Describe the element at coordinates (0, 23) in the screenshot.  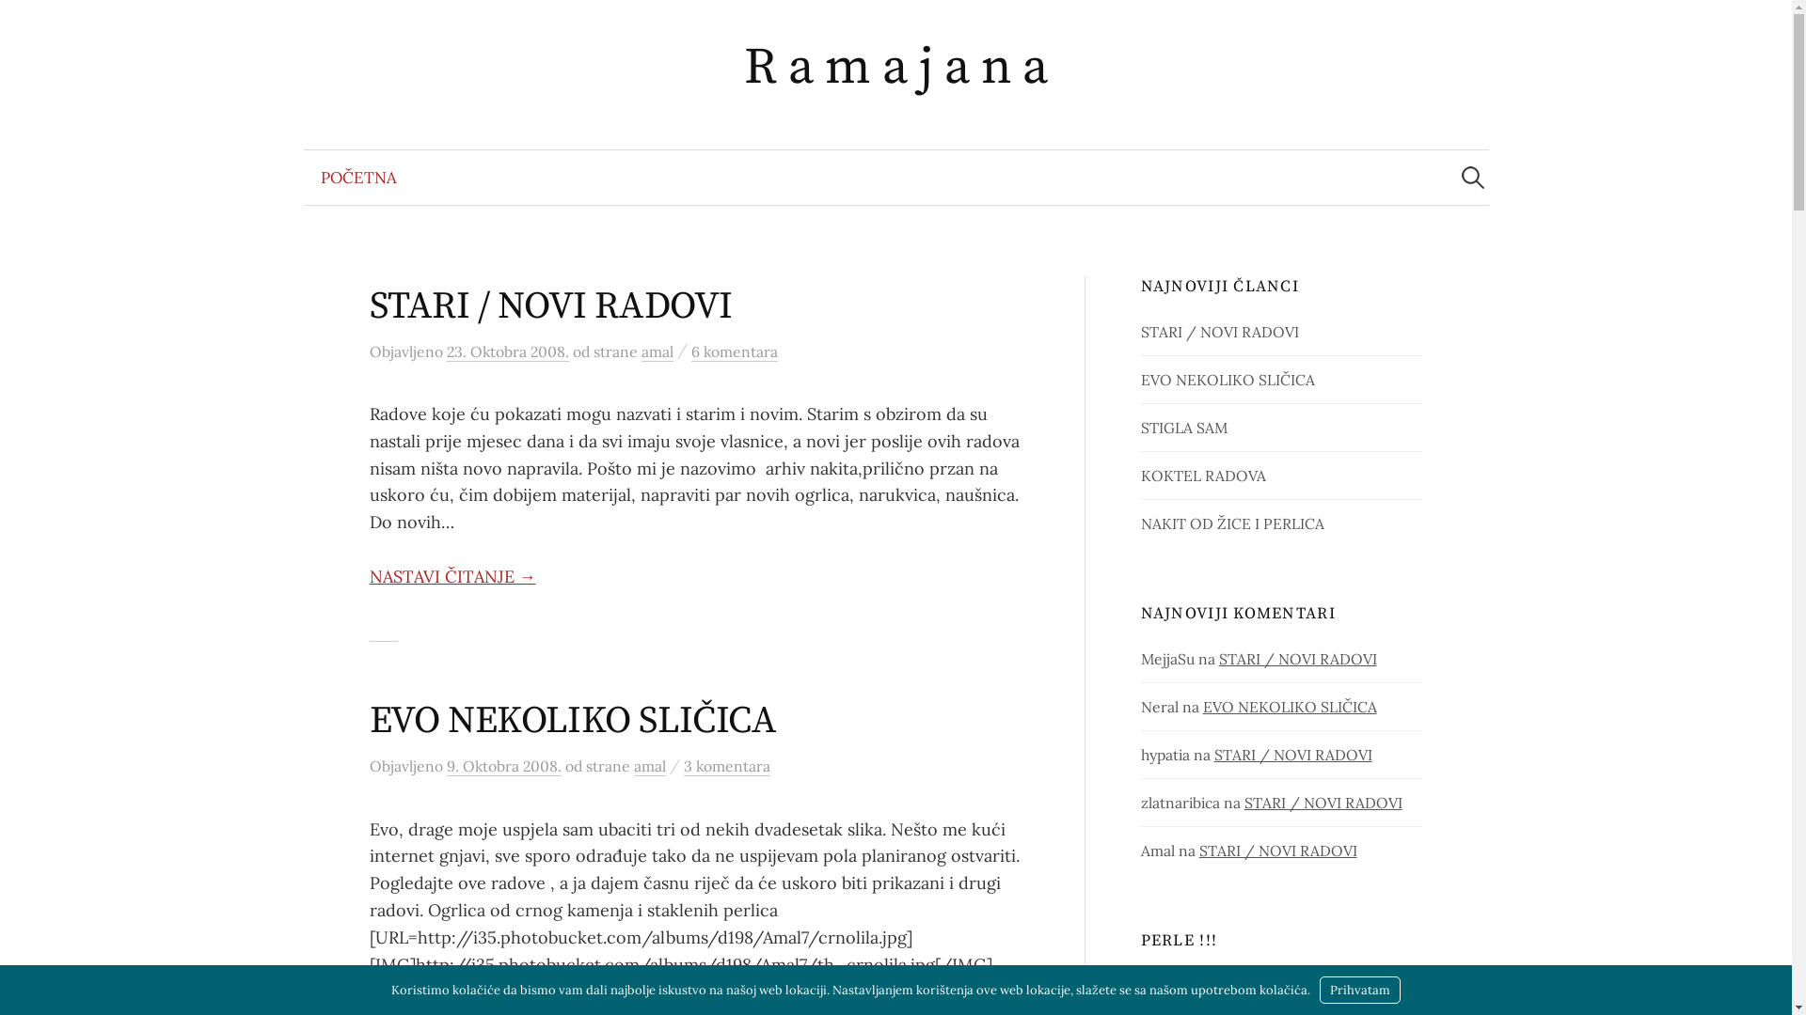
I see `'Pretraga'` at that location.